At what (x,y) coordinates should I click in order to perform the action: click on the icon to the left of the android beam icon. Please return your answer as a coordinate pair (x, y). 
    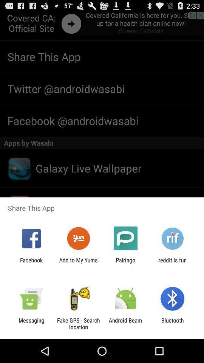
    Looking at the image, I should click on (78, 323).